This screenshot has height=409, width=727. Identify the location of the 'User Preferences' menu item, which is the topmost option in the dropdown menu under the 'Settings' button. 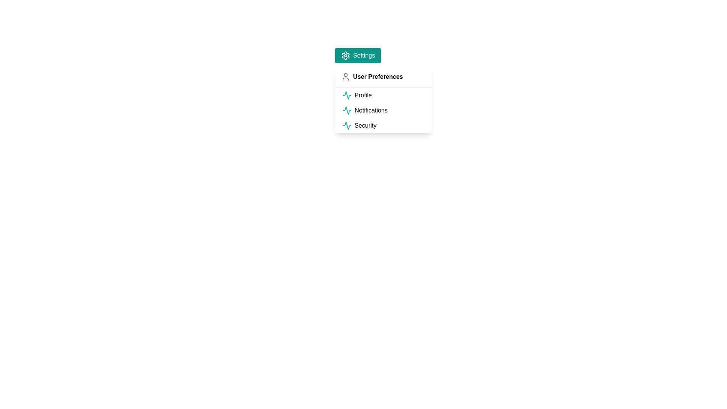
(383, 77).